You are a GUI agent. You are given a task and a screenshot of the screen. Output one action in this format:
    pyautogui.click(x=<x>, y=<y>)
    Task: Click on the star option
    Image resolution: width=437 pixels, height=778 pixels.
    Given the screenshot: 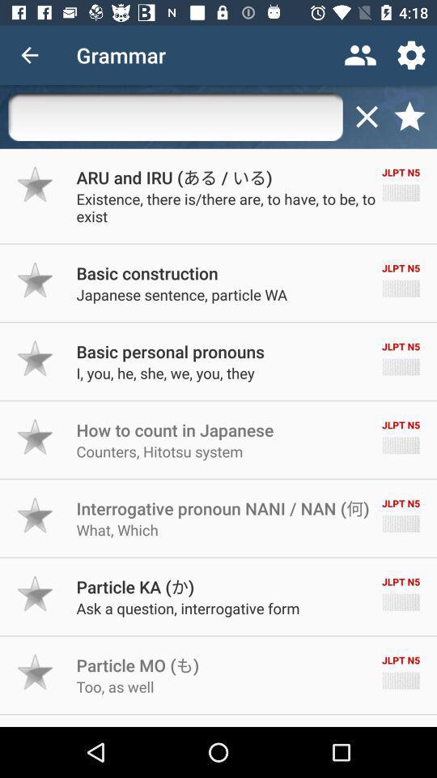 What is the action you would take?
    pyautogui.click(x=36, y=280)
    